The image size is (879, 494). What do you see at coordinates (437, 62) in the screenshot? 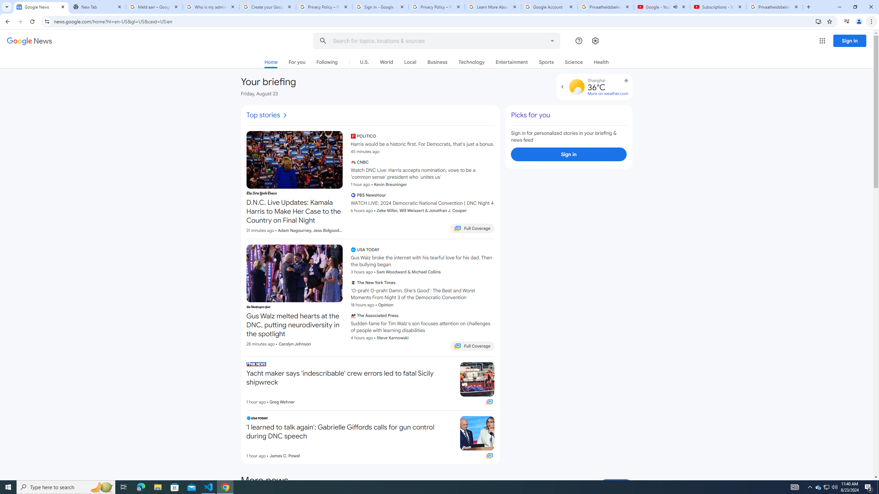
I see `'Business'` at bounding box center [437, 62].